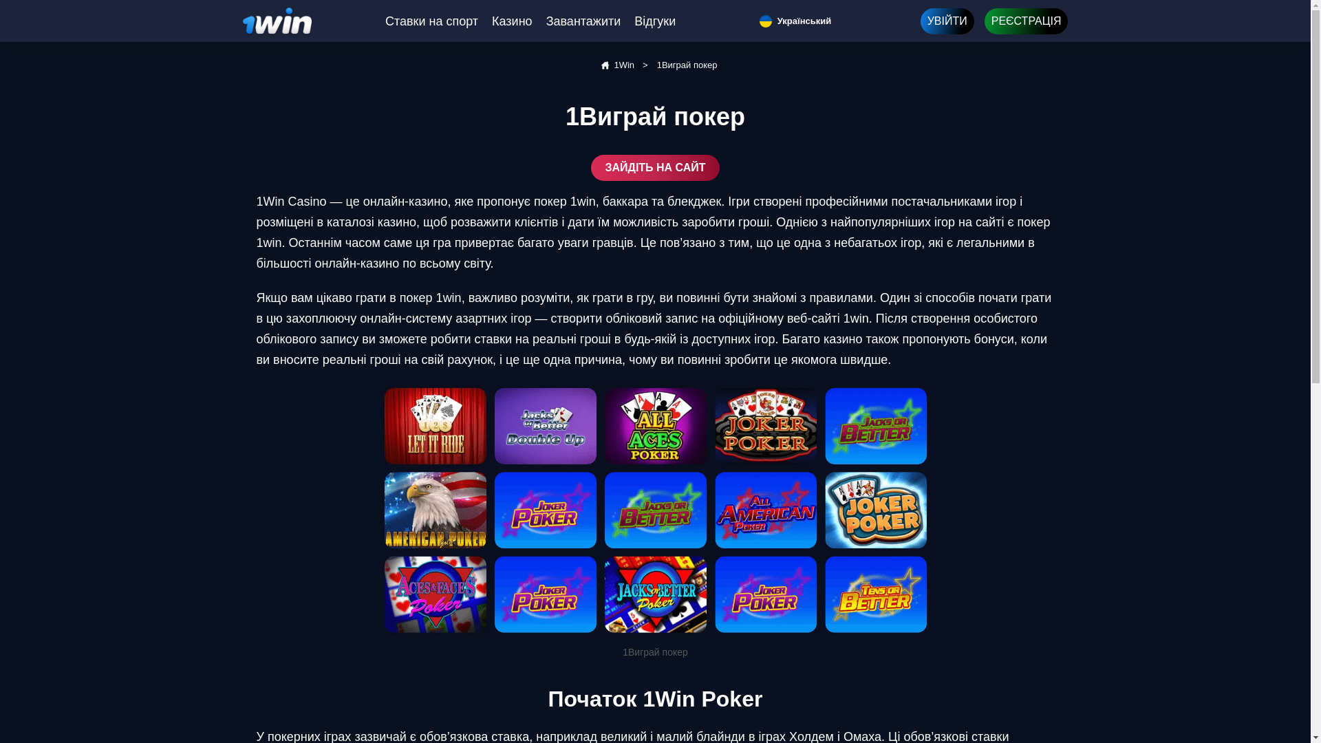 This screenshot has height=743, width=1321. Describe the element at coordinates (615, 65) in the screenshot. I see `'1Win'` at that location.